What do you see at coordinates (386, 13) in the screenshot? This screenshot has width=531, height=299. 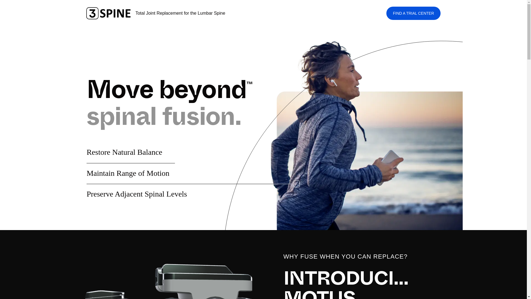 I see `'FIND A TRIAL CENTER'` at bounding box center [386, 13].